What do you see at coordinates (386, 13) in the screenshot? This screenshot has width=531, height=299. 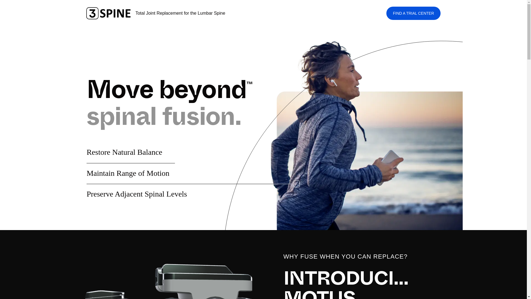 I see `'FIND A TRIAL CENTER'` at bounding box center [386, 13].